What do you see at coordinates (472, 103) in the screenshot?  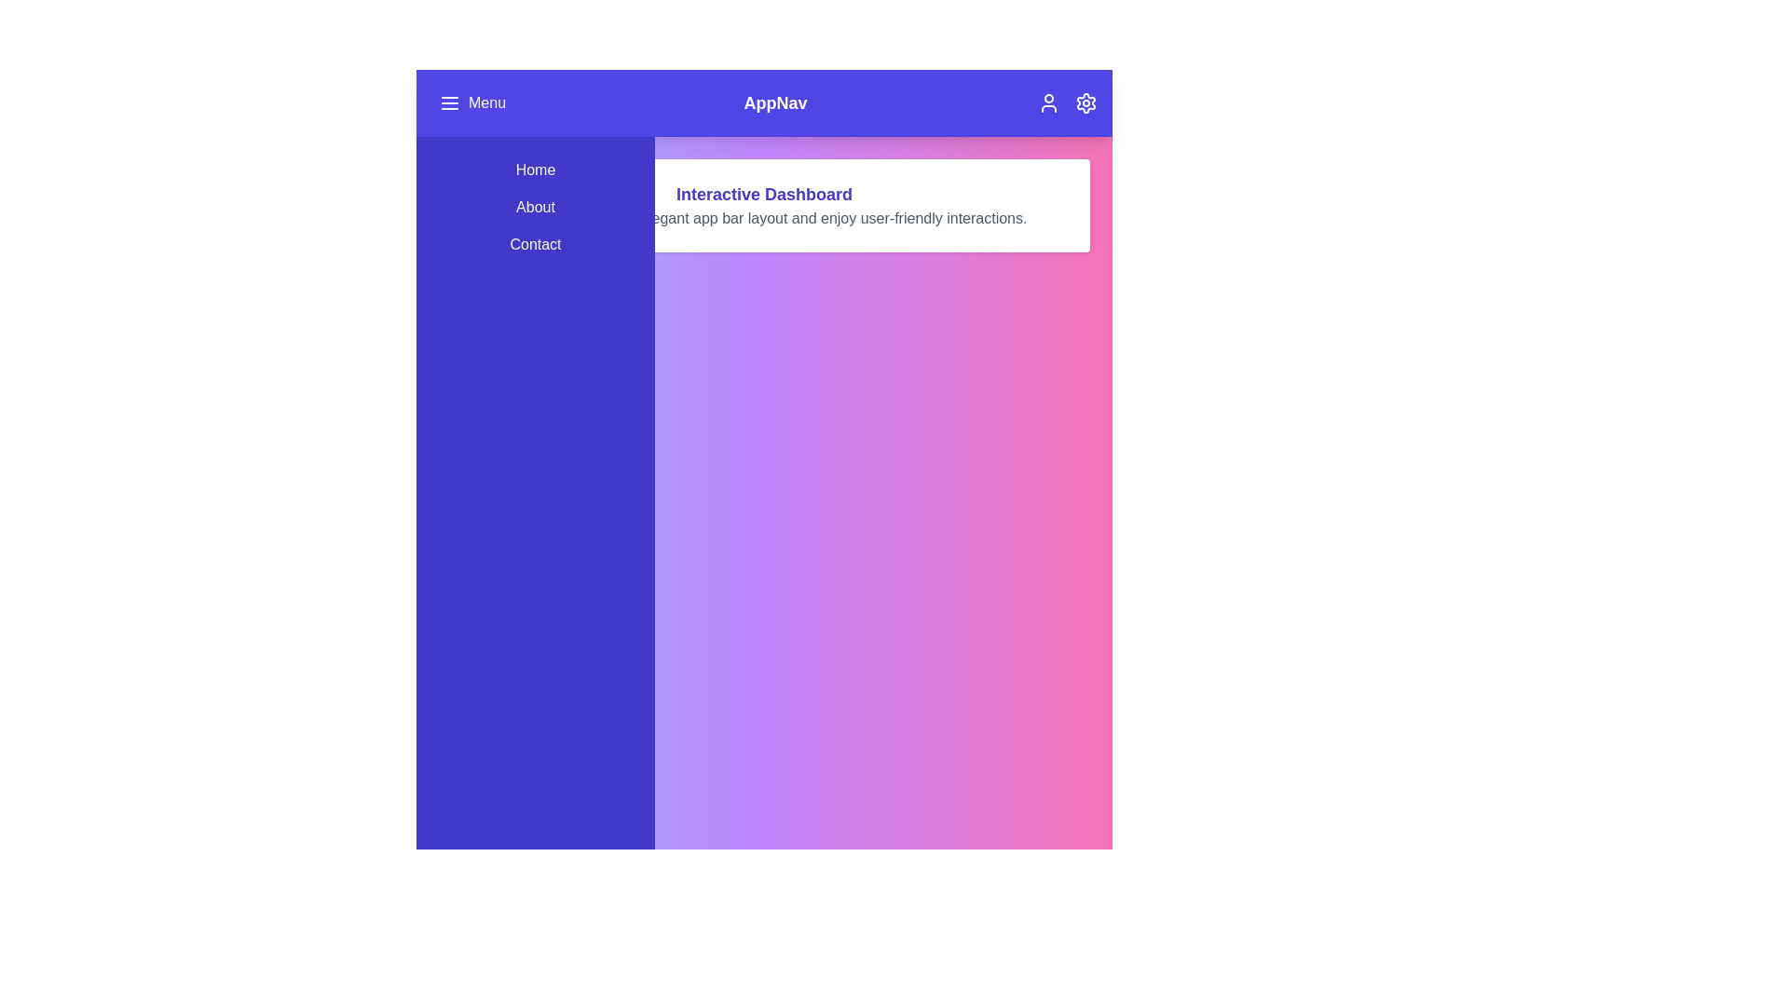 I see `'Menu' button to toggle the navigation menu visibility` at bounding box center [472, 103].